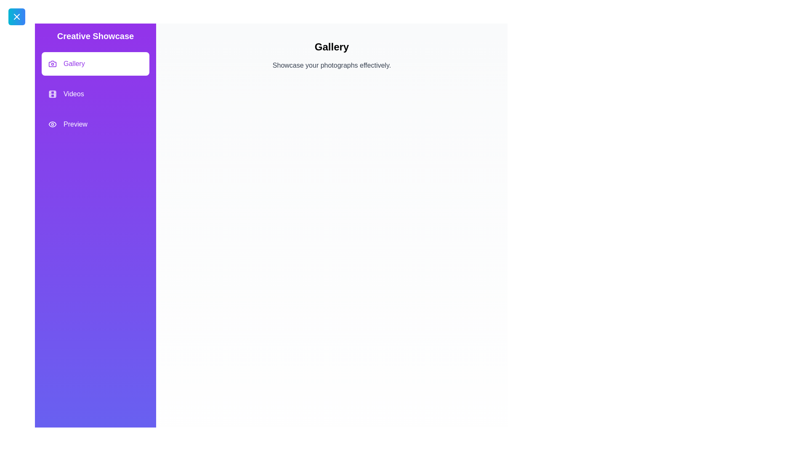 The image size is (808, 454). Describe the element at coordinates (95, 63) in the screenshot. I see `the feature Gallery from the feature list` at that location.